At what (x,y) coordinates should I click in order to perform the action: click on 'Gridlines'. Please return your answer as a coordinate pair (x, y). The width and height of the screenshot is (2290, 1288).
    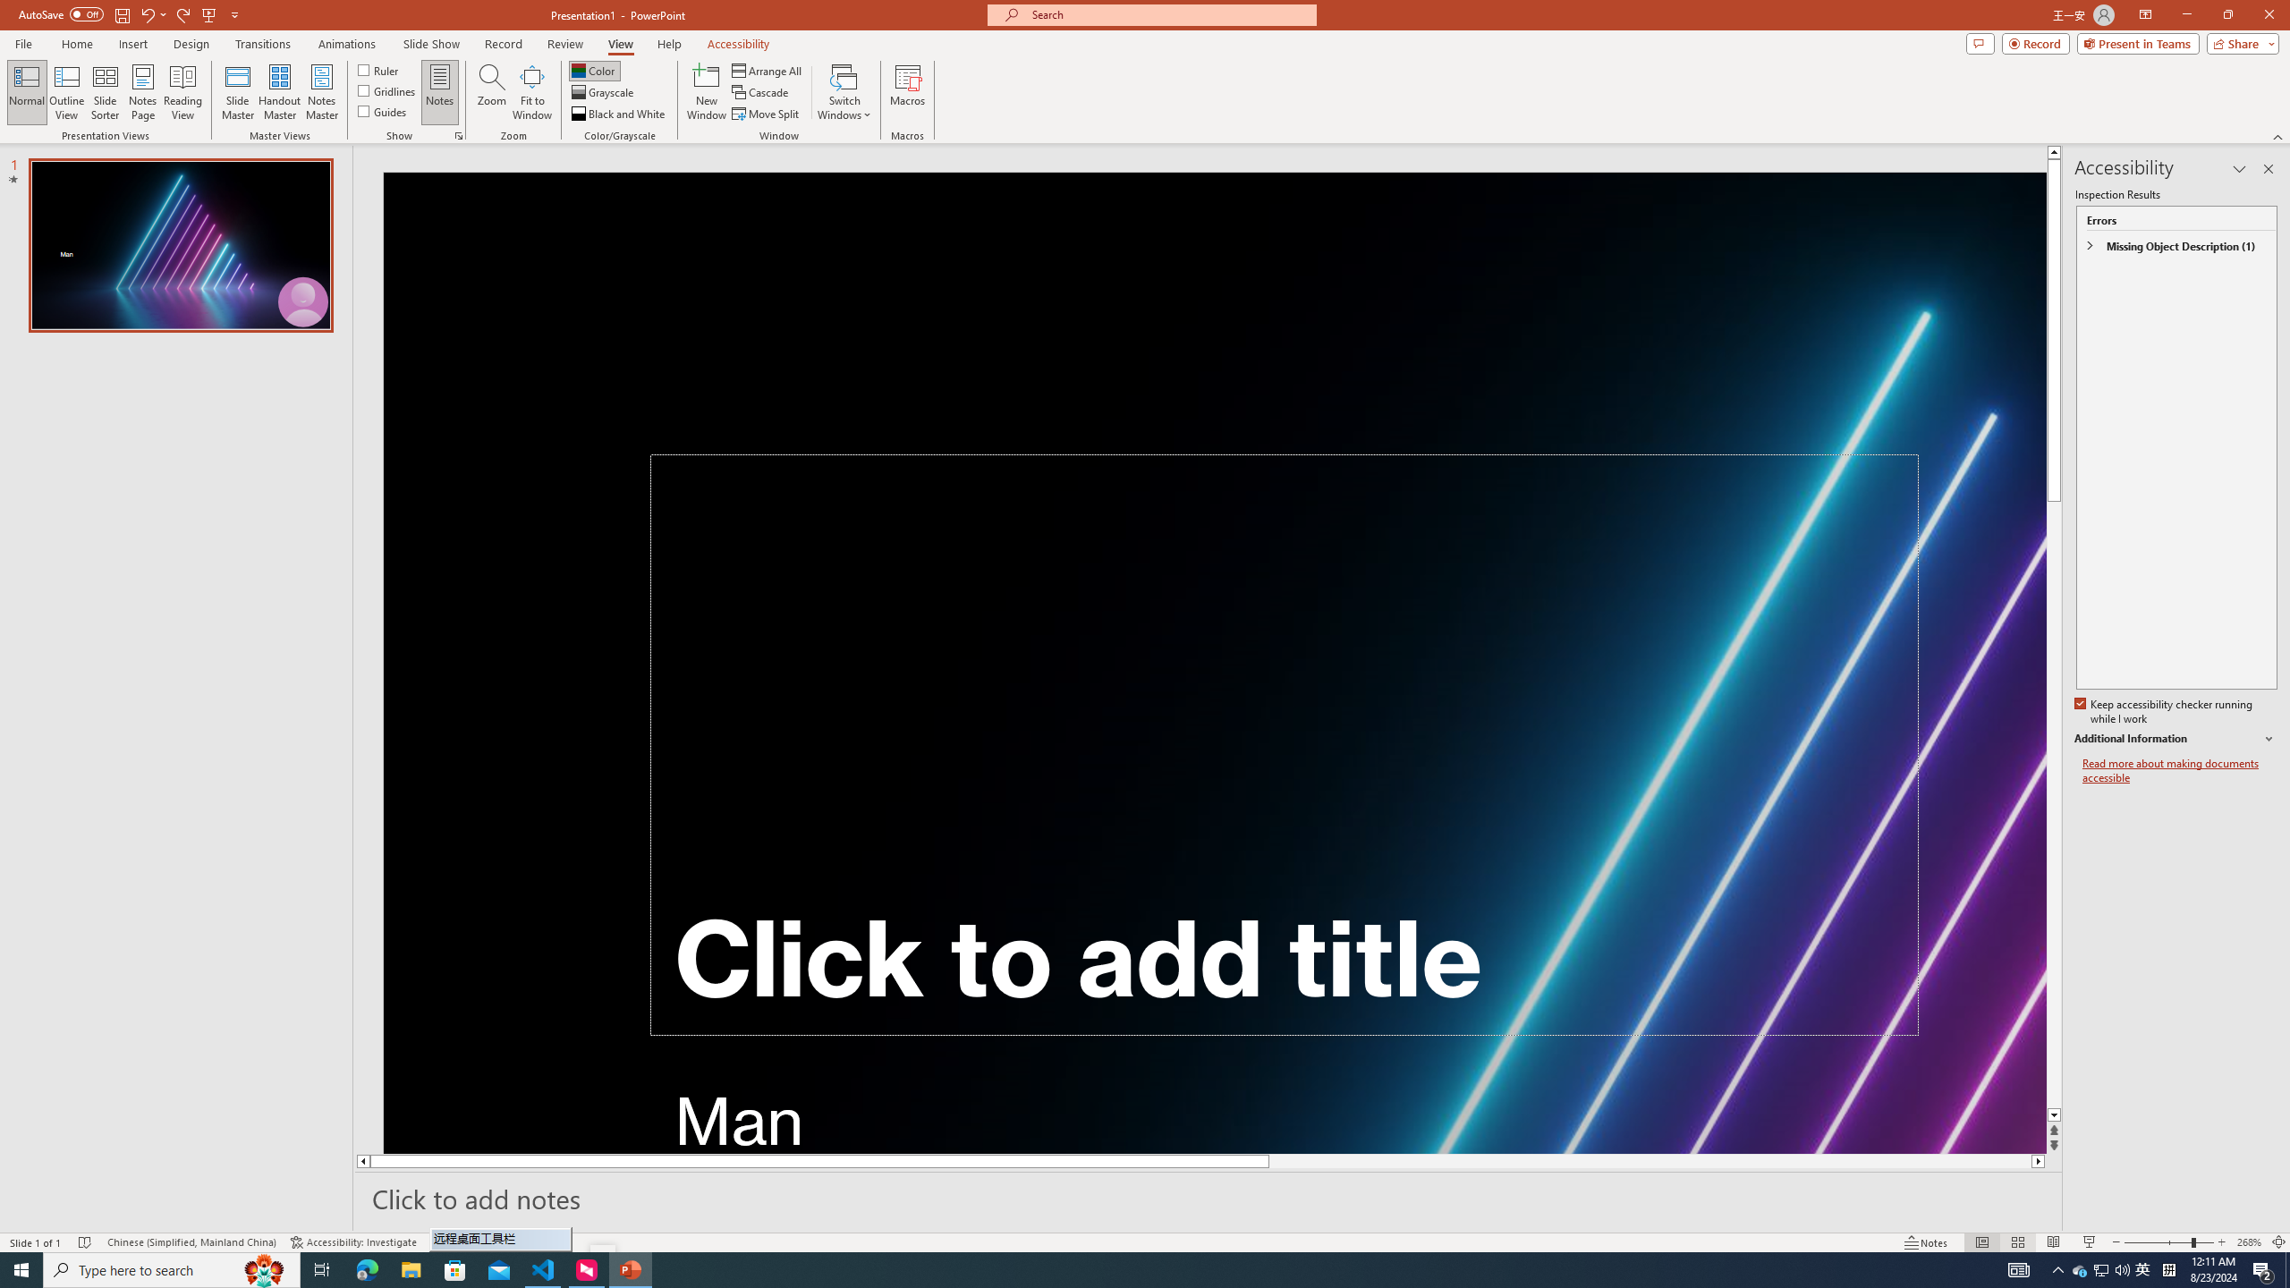
    Looking at the image, I should click on (386, 89).